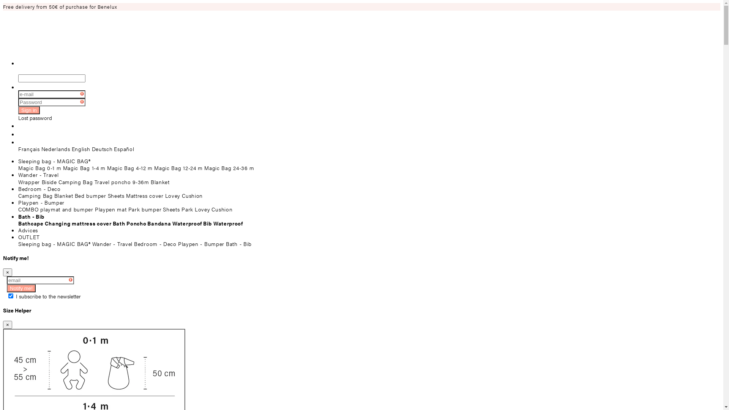 This screenshot has height=410, width=729. I want to click on 'Travel poncho 9-36m', so click(122, 181).